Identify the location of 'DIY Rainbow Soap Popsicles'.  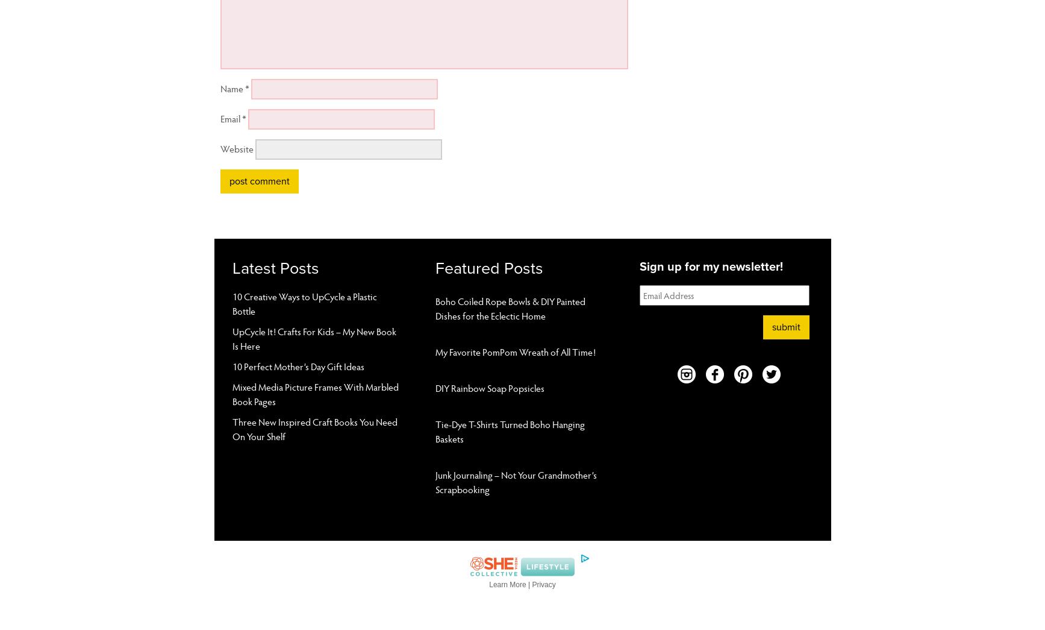
(490, 387).